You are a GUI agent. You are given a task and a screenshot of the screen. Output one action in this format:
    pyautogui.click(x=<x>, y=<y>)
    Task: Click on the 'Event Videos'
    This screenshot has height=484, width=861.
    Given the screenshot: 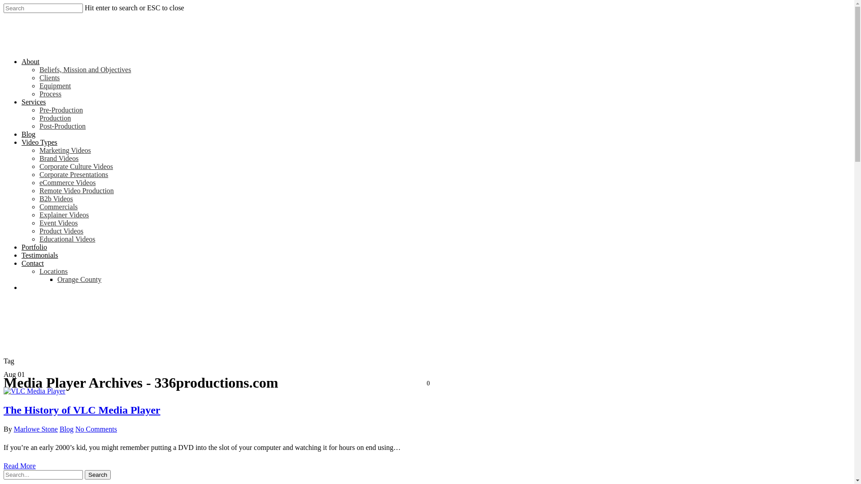 What is the action you would take?
    pyautogui.click(x=39, y=222)
    